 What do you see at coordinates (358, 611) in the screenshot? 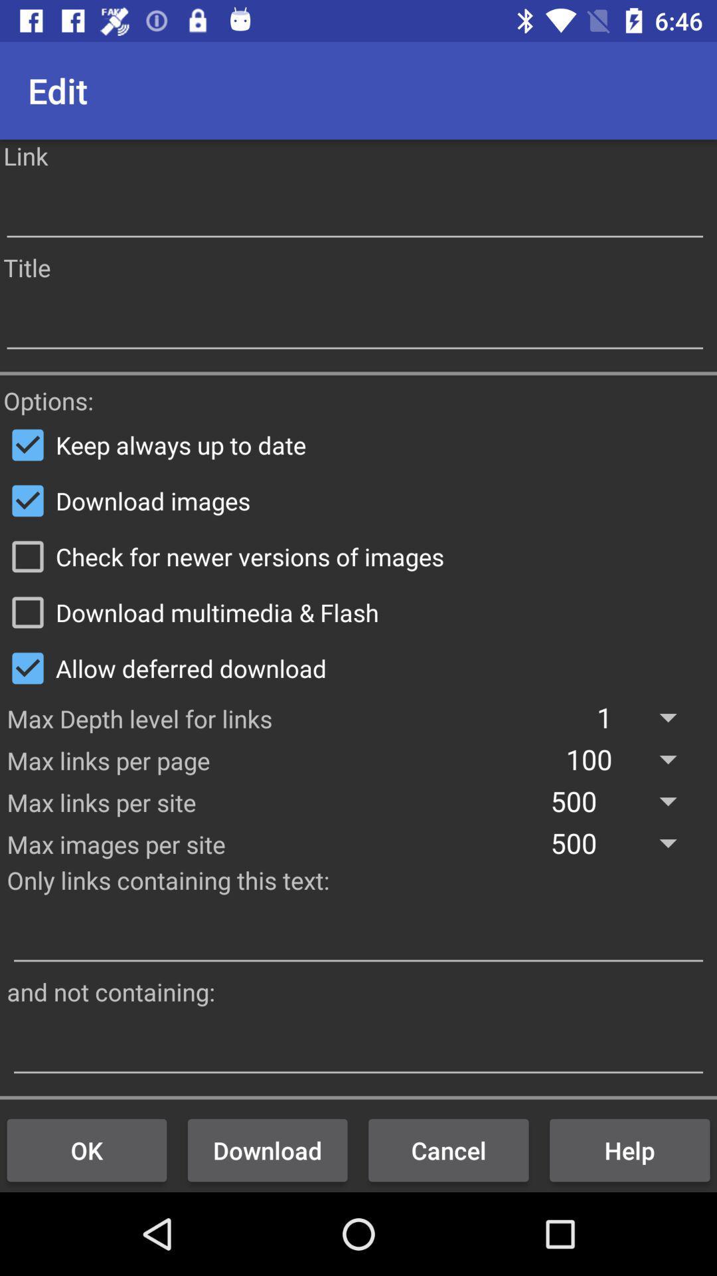
I see `icon below the check for newer item` at bounding box center [358, 611].